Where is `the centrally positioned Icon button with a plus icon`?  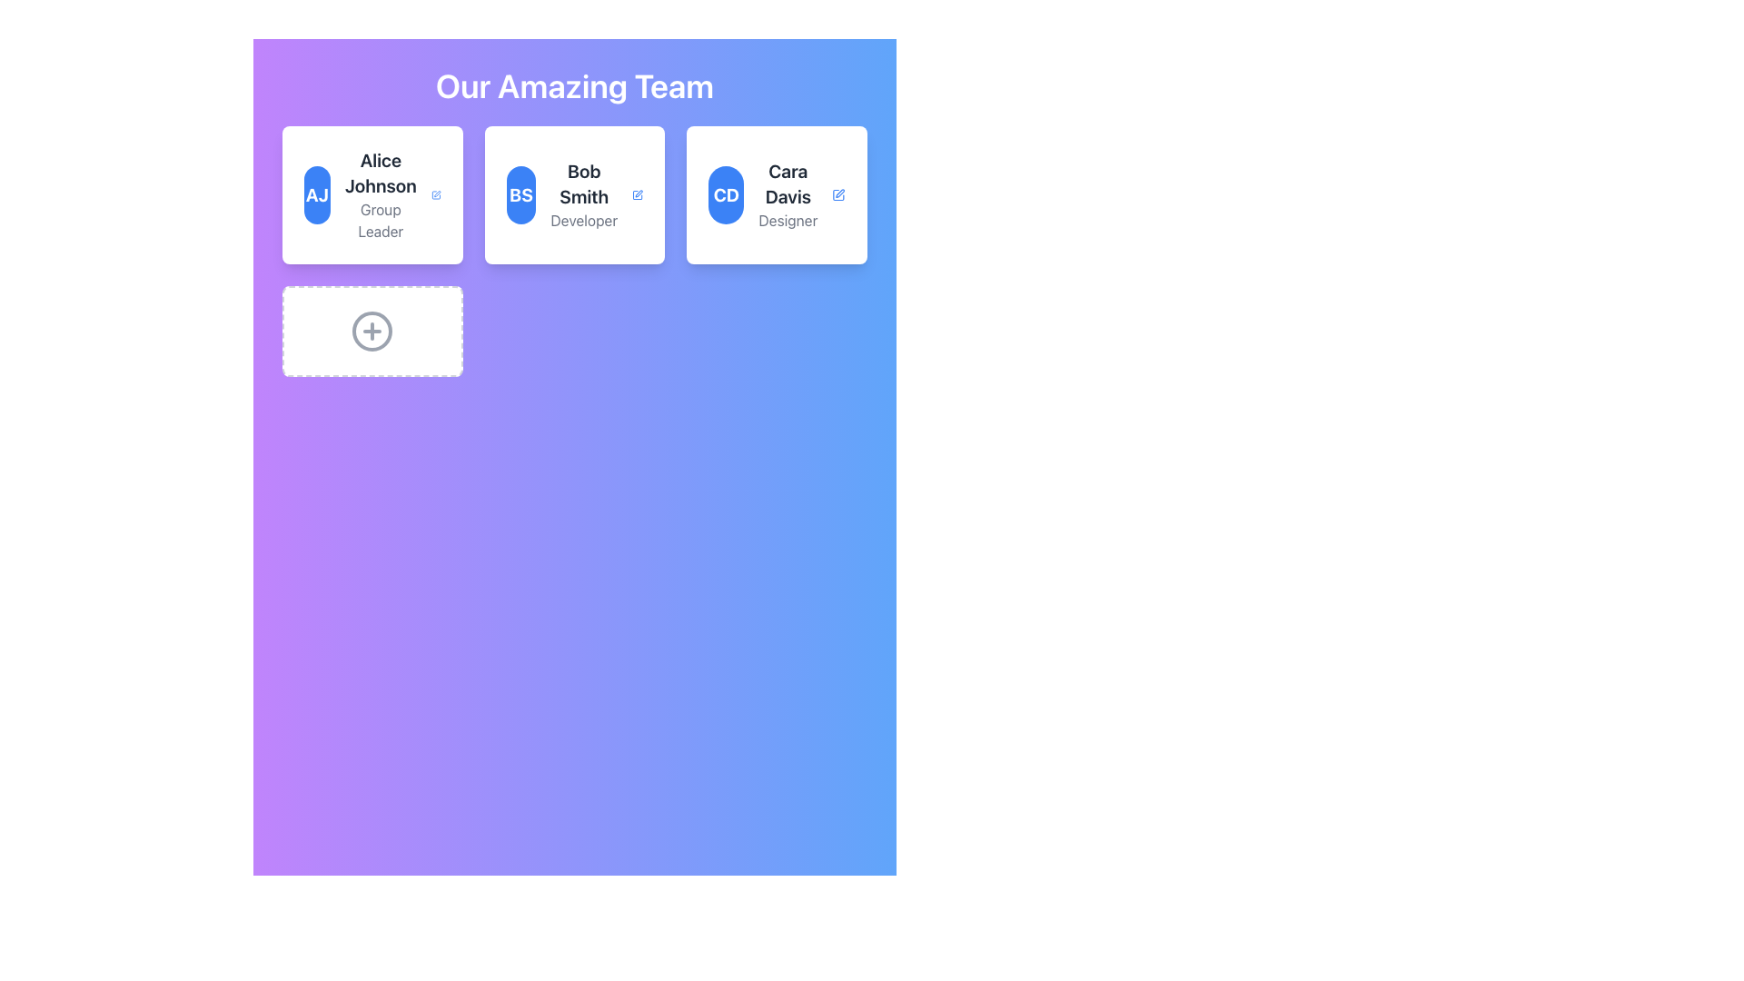
the centrally positioned Icon button with a plus icon is located at coordinates (372, 332).